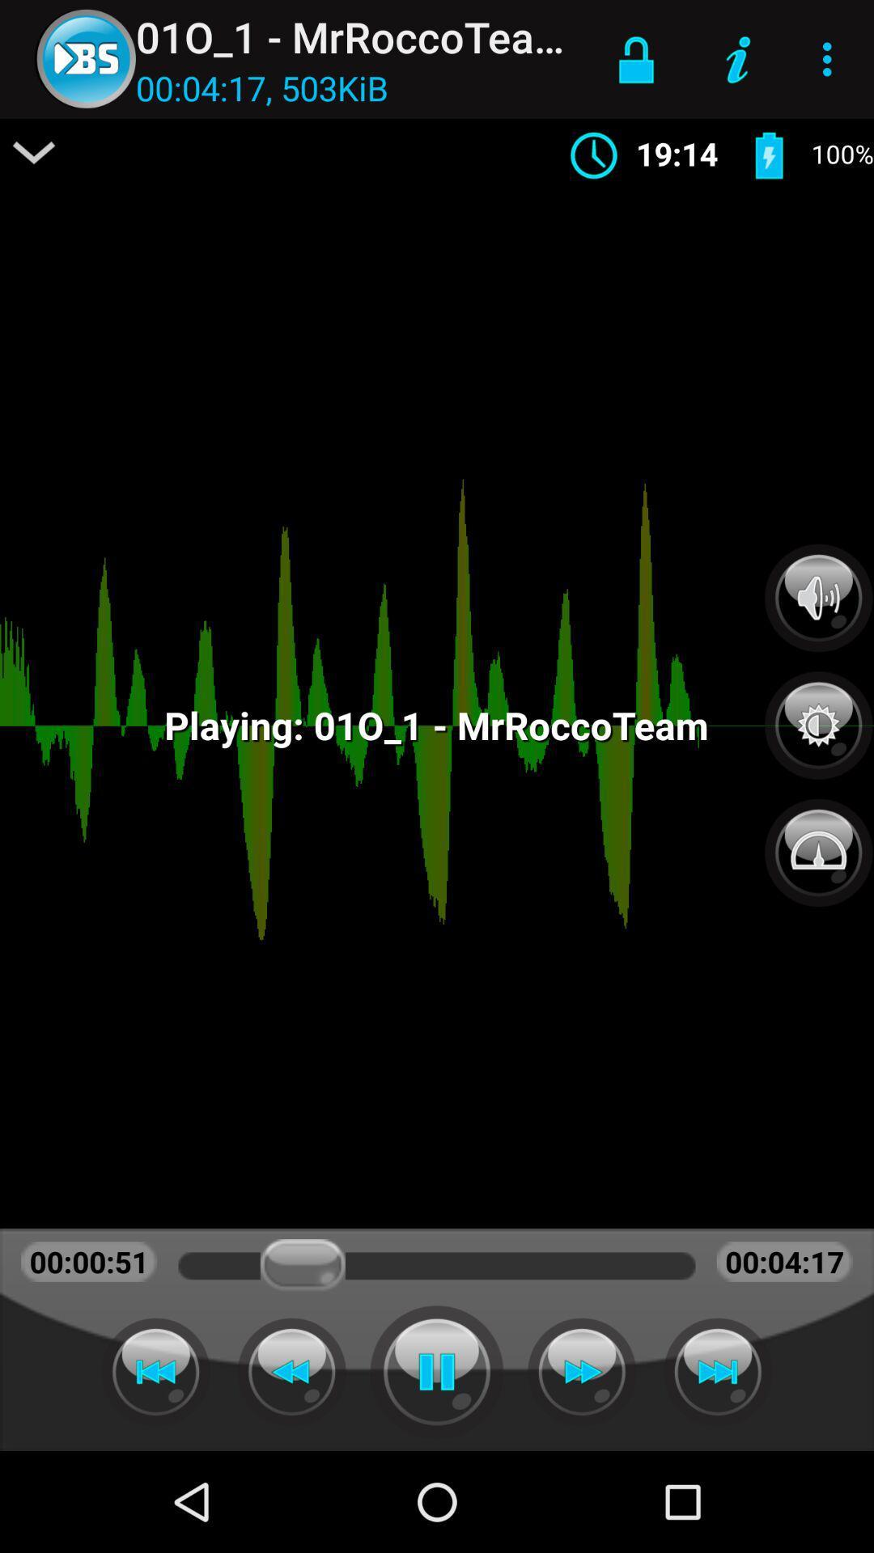 The height and width of the screenshot is (1553, 874). Describe the element at coordinates (291, 1371) in the screenshot. I see `skip back a second` at that location.